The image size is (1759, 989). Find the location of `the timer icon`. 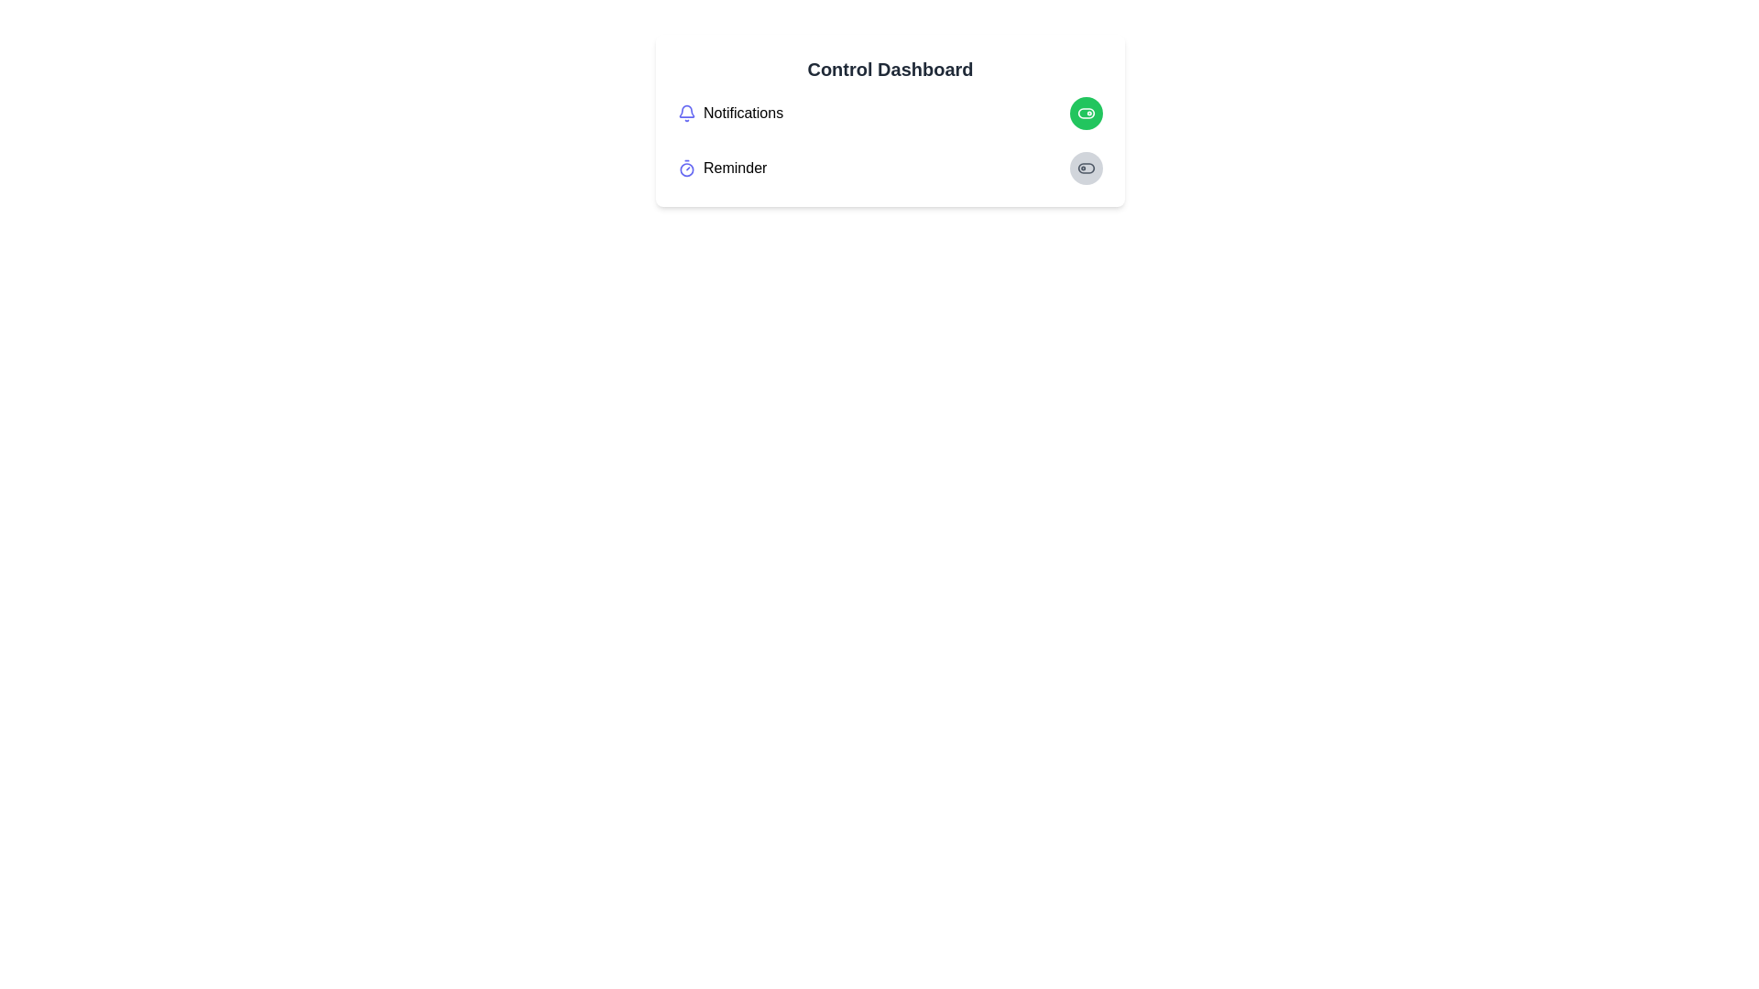

the timer icon is located at coordinates (685, 168).